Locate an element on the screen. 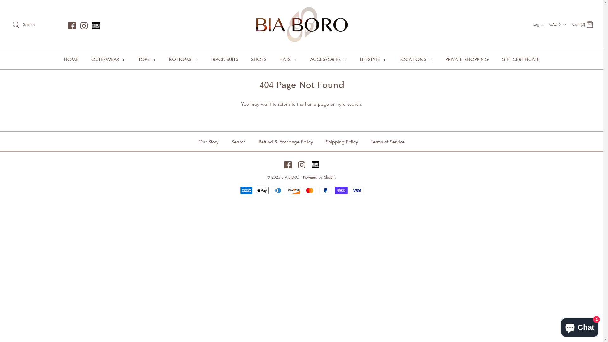 This screenshot has width=608, height=342. 'Shopify online store chat' is located at coordinates (559, 326).